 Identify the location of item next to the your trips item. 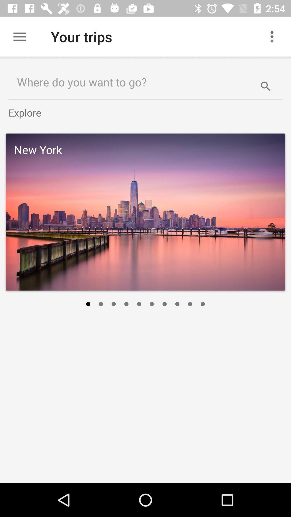
(19, 36).